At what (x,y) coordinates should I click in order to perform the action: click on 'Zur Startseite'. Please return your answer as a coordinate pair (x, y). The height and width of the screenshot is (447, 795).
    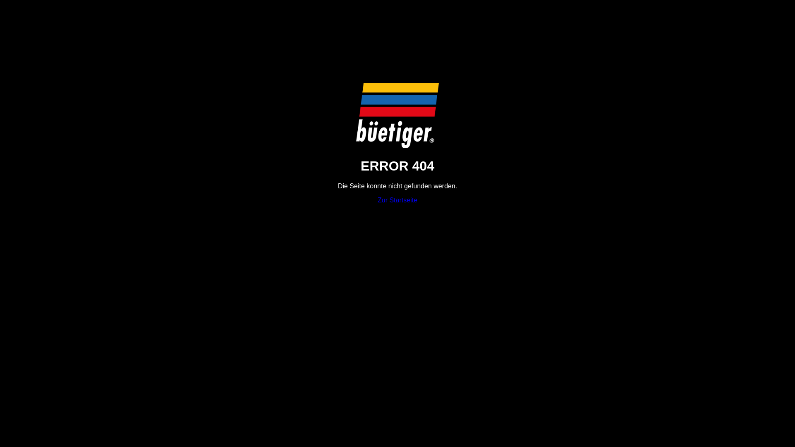
    Looking at the image, I should click on (397, 200).